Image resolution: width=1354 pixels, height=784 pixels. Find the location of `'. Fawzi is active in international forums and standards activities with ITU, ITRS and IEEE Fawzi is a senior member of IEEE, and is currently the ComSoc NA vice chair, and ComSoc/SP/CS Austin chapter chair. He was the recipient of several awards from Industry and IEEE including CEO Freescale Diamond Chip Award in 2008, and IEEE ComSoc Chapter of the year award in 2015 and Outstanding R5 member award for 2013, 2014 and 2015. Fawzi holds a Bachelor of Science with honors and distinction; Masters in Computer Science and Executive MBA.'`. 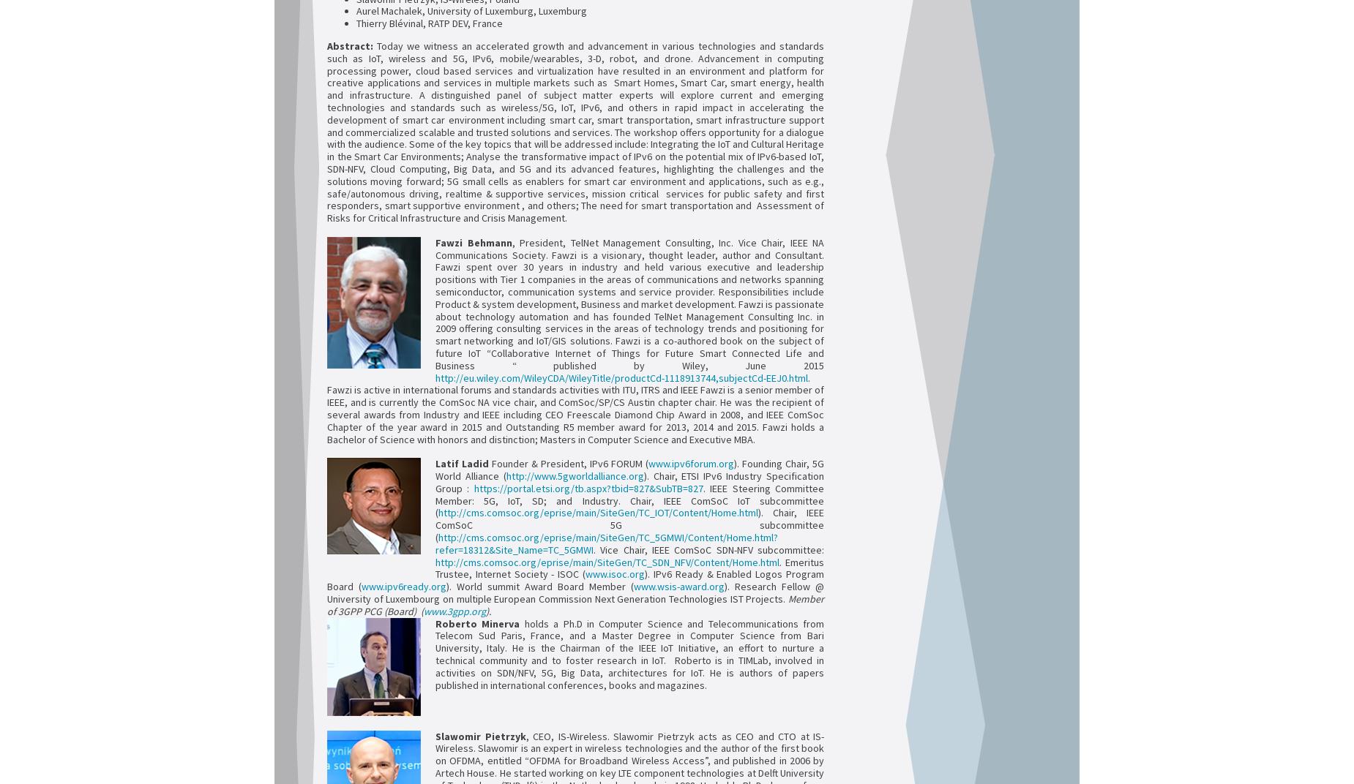

'. Fawzi is active in international forums and standards activities with ITU, ITRS and IEEE Fawzi is a senior member of IEEE, and is currently the ComSoc NA vice chair, and ComSoc/SP/CS Austin chapter chair. He was the recipient of several awards from Industry and IEEE including CEO Freescale Diamond Chip Award in 2008, and IEEE ComSoc Chapter of the year award in 2015 and Outstanding R5 member award for 2013, 2014 and 2015. Fawzi holds a Bachelor of Science with honors and distinction; Masters in Computer Science and Executive MBA.' is located at coordinates (575, 407).